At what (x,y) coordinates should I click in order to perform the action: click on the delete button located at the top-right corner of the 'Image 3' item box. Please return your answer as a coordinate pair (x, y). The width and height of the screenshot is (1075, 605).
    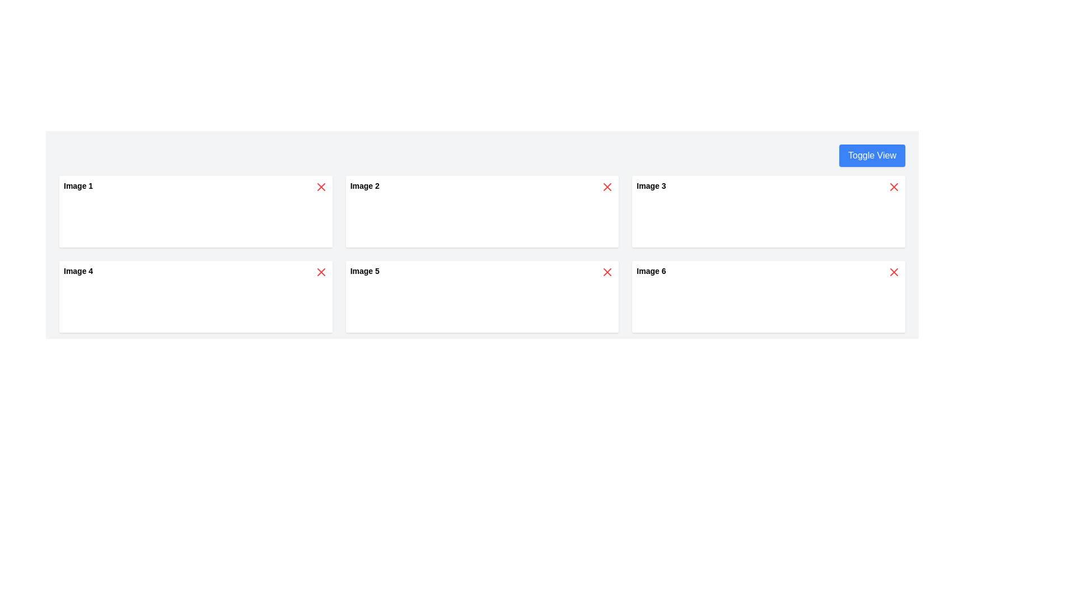
    Looking at the image, I should click on (894, 187).